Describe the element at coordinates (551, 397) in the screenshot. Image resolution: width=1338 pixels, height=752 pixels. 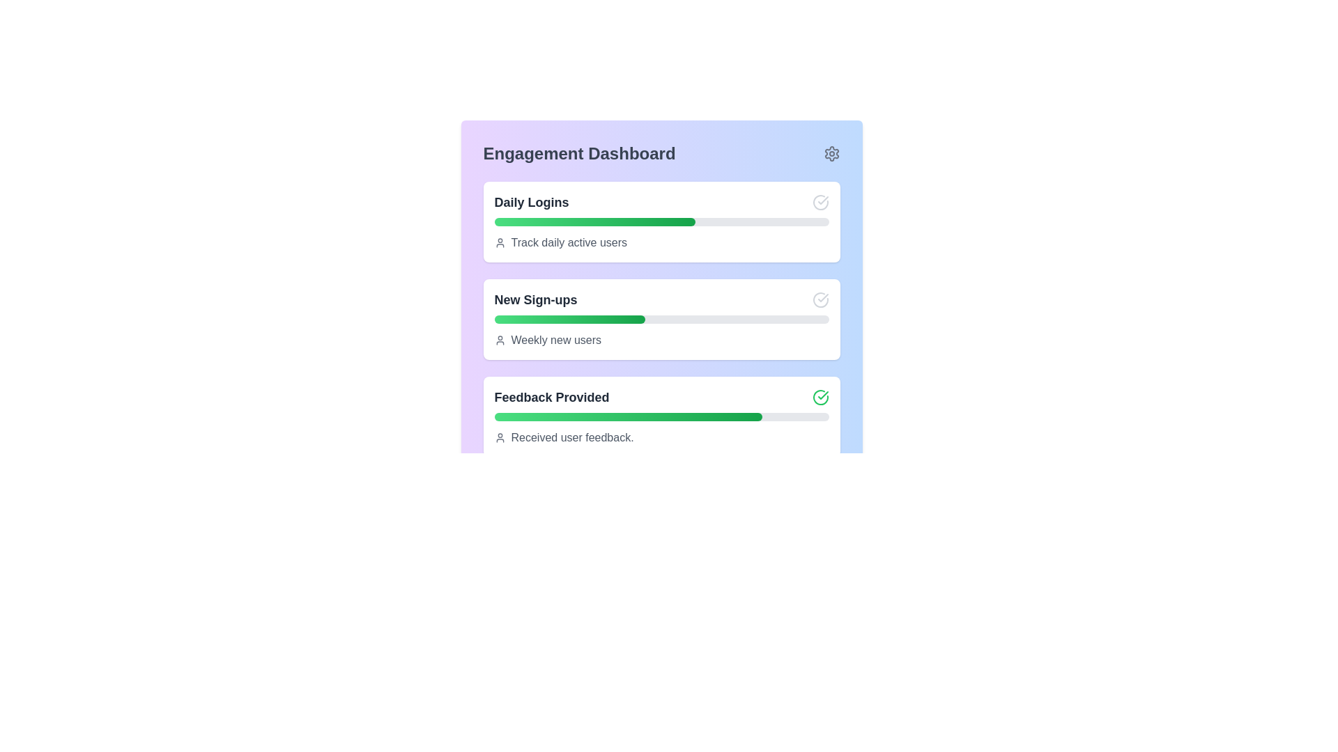
I see `the text label that serves as a header for the third card in the 'Engagement Dashboard' section, which summarizes feedback-related information for the user` at that location.